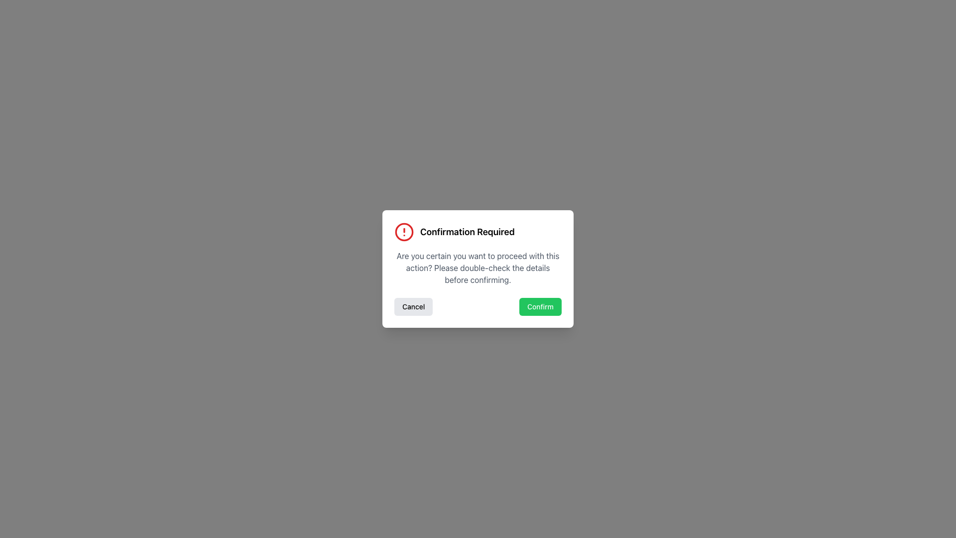 This screenshot has height=538, width=956. Describe the element at coordinates (540, 306) in the screenshot. I see `the green rectangular 'Confirm' button with rounded corners located at the bottom-right of the modal window to confirm the action` at that location.